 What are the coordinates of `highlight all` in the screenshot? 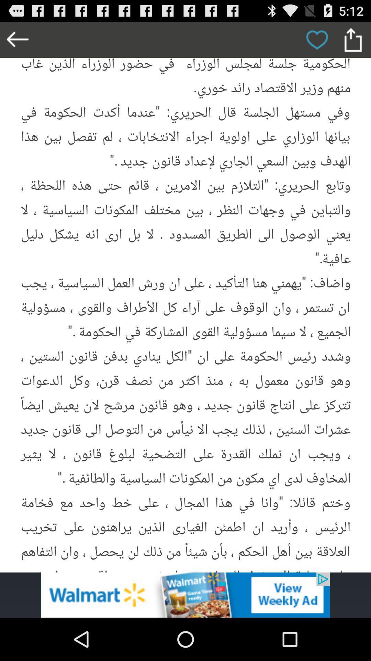 It's located at (185, 297).